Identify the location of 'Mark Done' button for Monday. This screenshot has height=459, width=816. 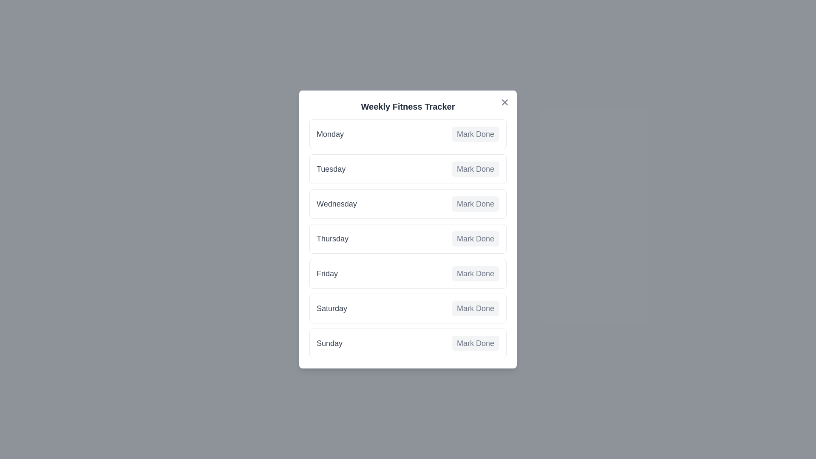
(475, 134).